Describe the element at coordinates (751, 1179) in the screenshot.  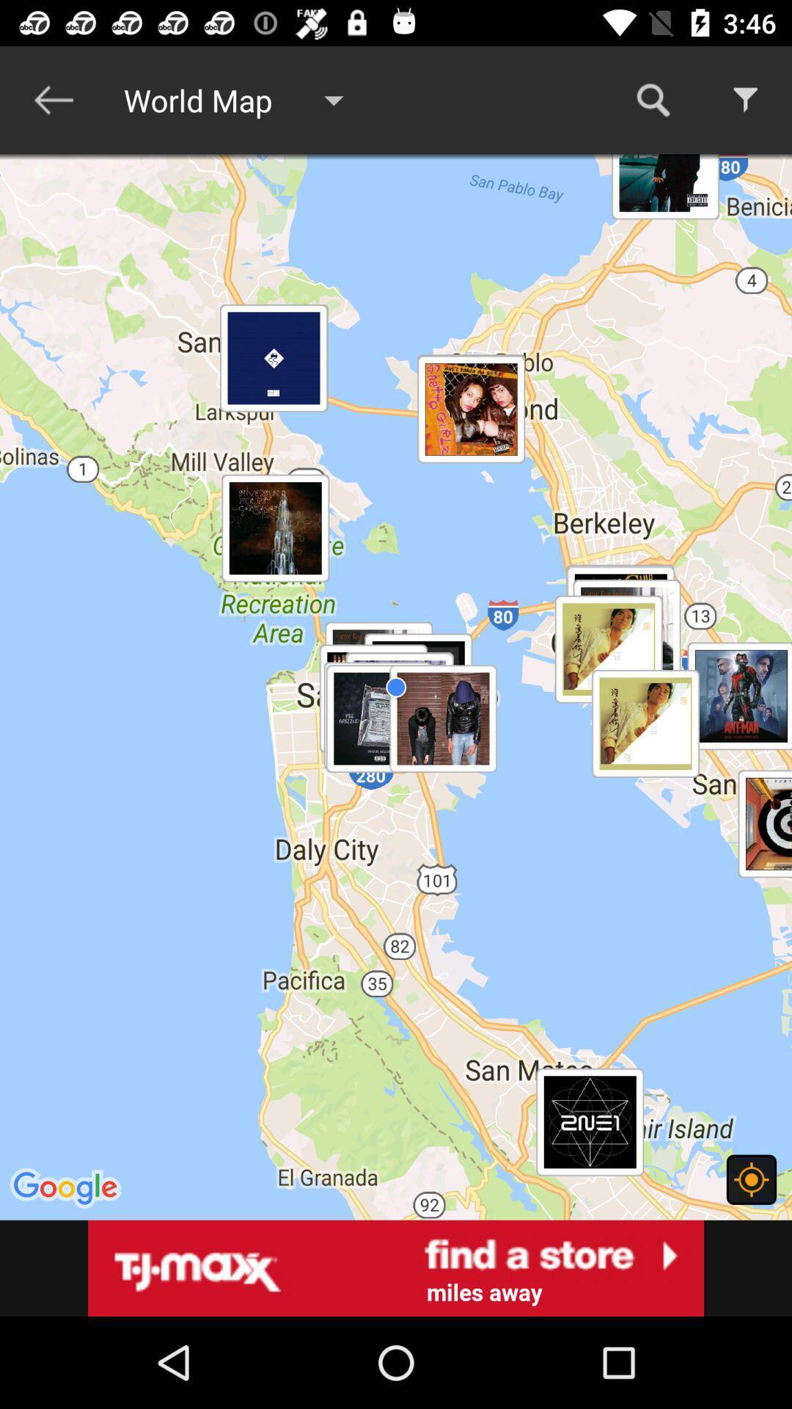
I see `current location` at that location.